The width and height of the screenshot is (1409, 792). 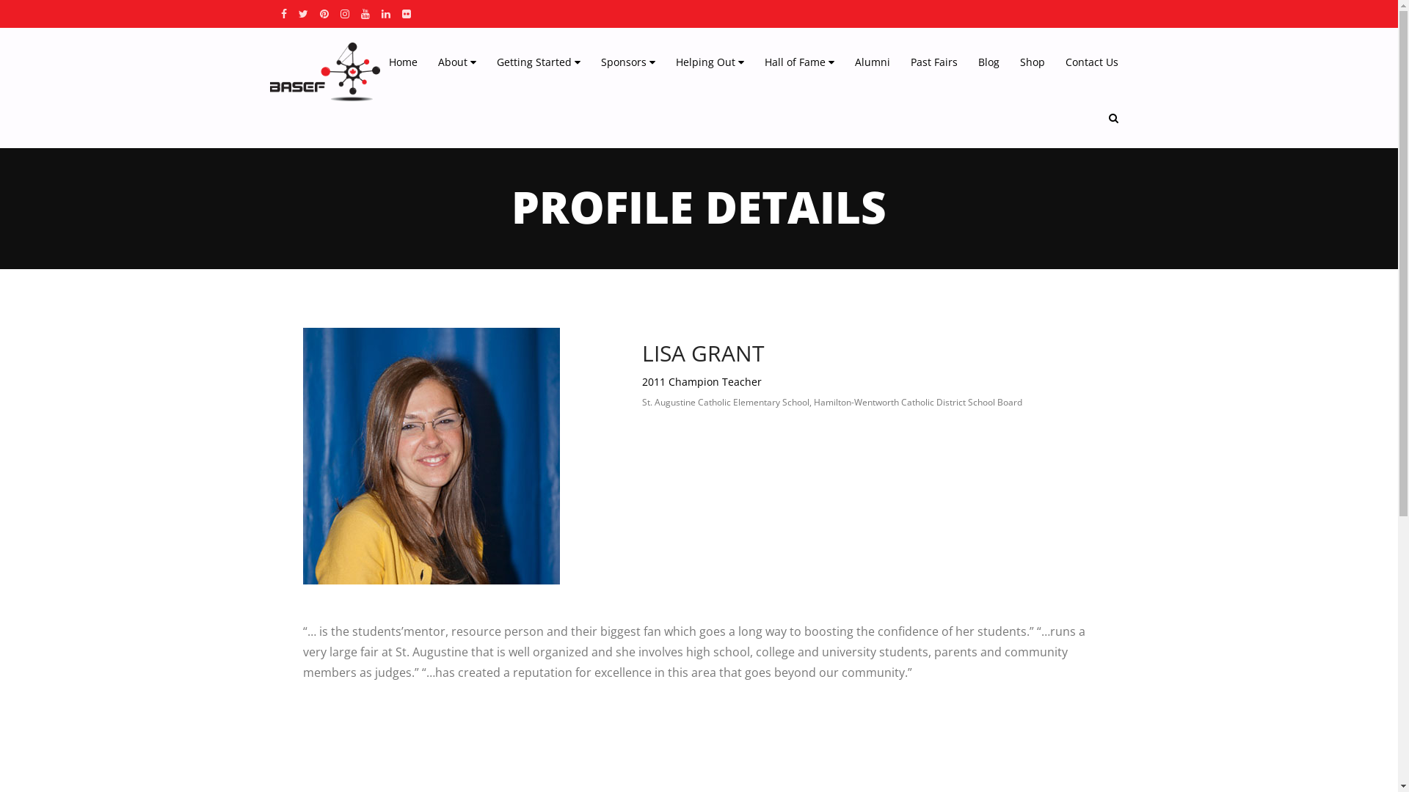 What do you see at coordinates (933, 61) in the screenshot?
I see `'Past Fairs'` at bounding box center [933, 61].